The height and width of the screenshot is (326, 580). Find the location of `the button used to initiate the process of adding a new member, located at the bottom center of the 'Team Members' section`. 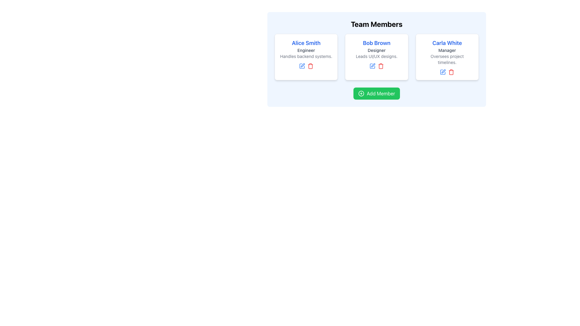

the button used to initiate the process of adding a new member, located at the bottom center of the 'Team Members' section is located at coordinates (376, 93).